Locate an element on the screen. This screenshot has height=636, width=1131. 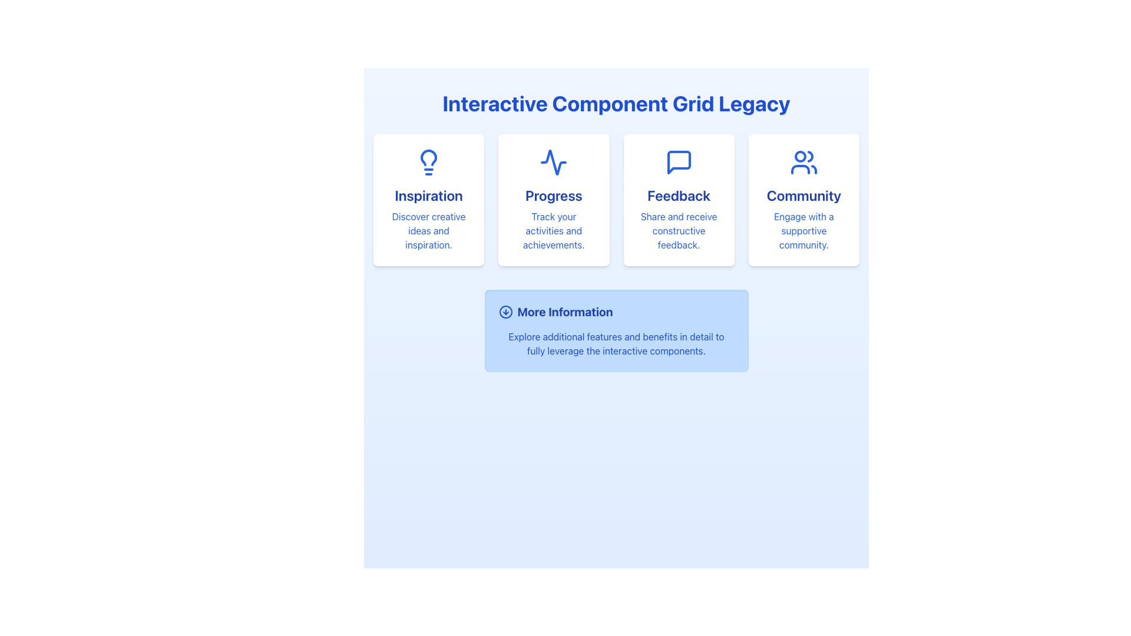
the blue speech bubble icon within the 'Feedback' card, located centrally above the 'Feedback' title text is located at coordinates (679, 163).